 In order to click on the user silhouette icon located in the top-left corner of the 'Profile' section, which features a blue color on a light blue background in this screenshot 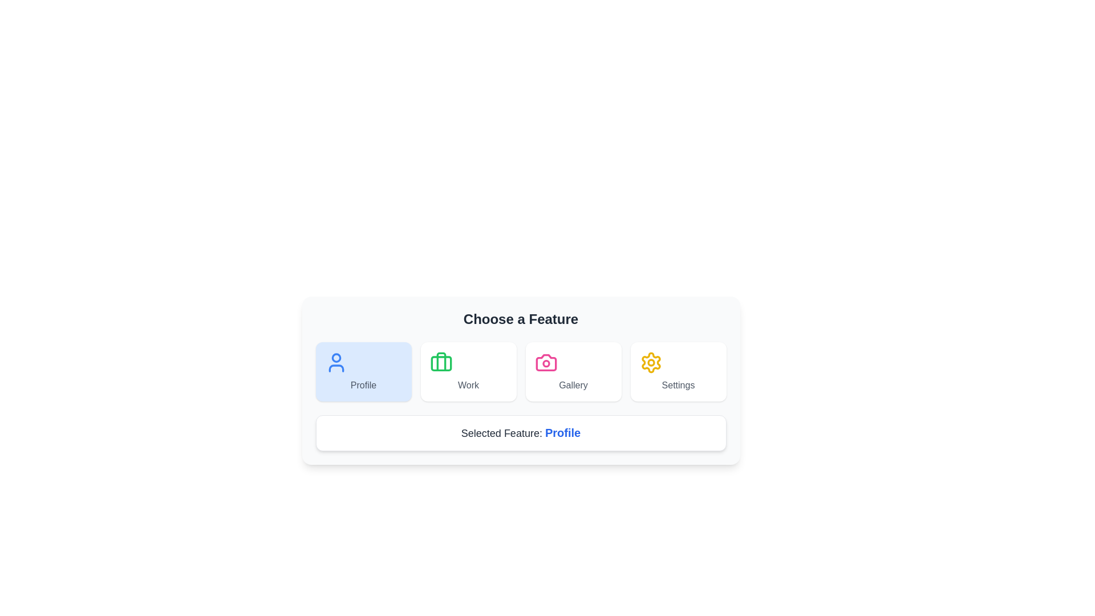, I will do `click(335, 363)`.